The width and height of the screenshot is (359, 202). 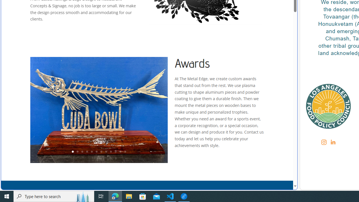 I want to click on 'Class: sqs-svg-icon--social', so click(x=333, y=142).